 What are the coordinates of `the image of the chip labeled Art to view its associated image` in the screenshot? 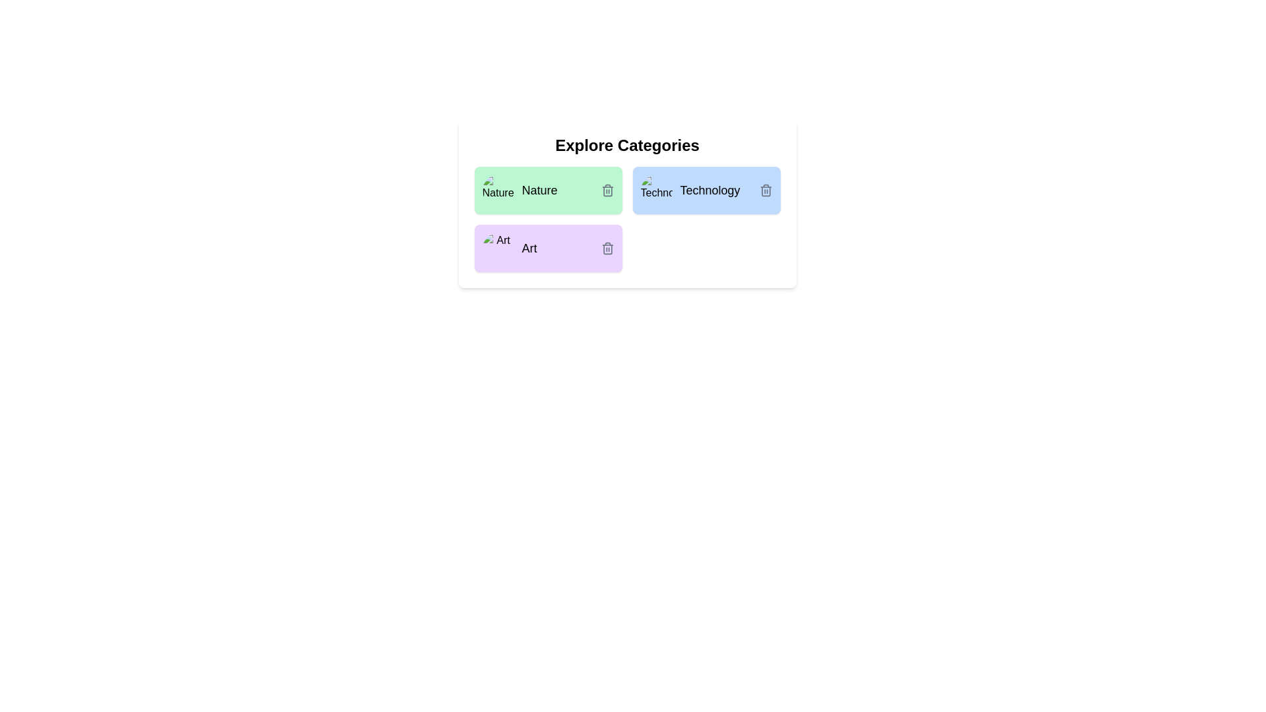 It's located at (497, 249).